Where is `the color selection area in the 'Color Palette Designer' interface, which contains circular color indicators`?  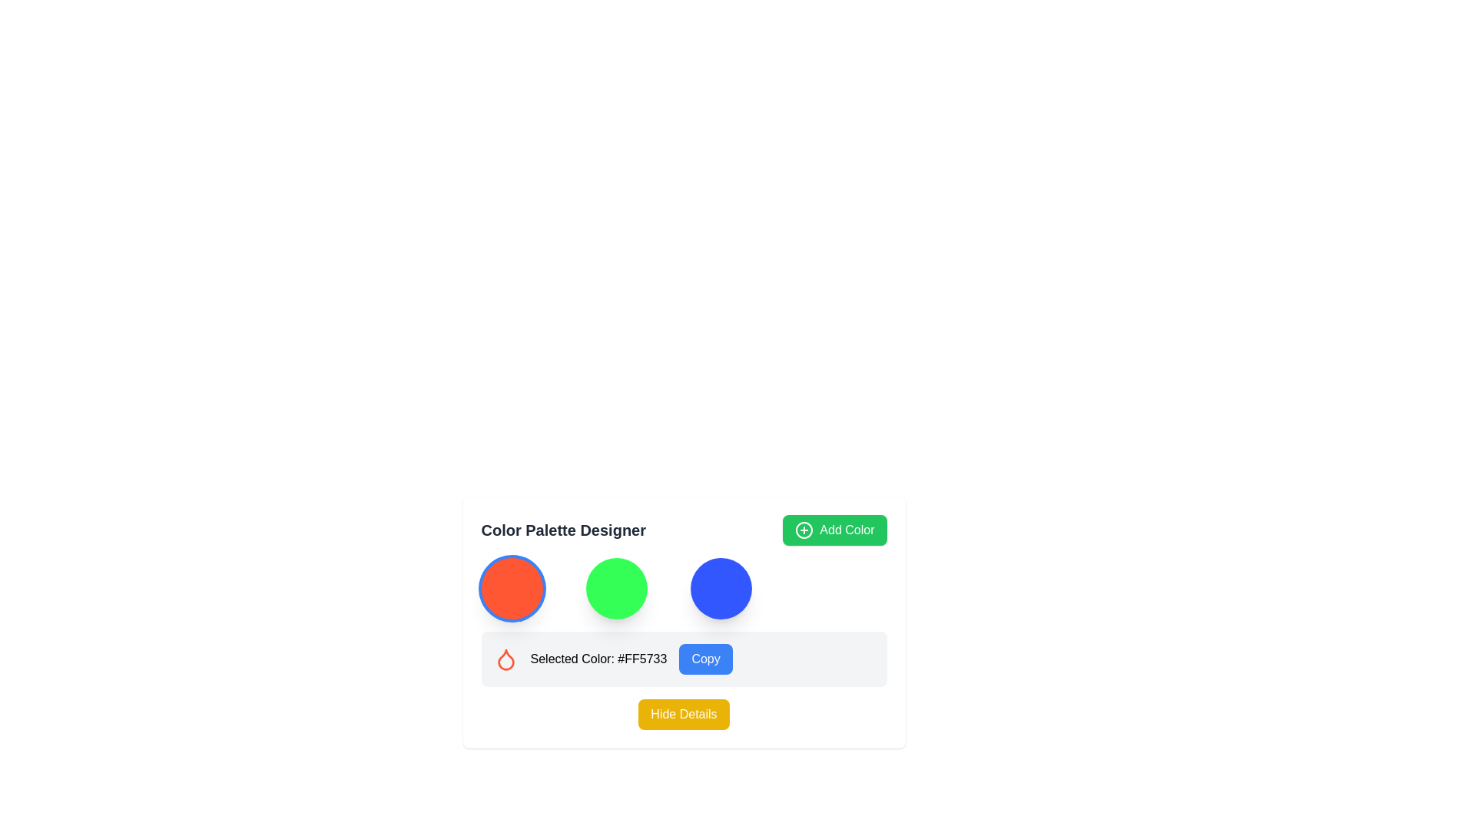
the color selection area in the 'Color Palette Designer' interface, which contains circular color indicators is located at coordinates (683, 588).